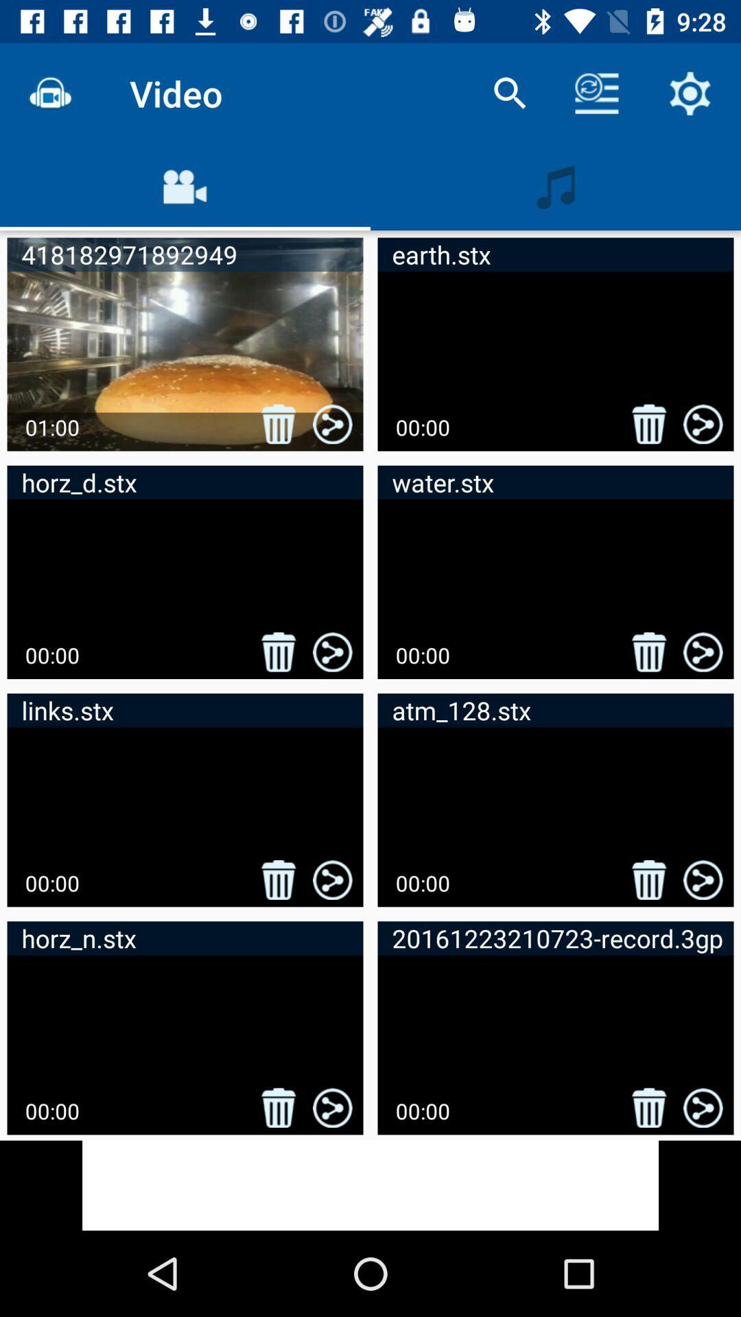 The image size is (741, 1317). Describe the element at coordinates (648, 879) in the screenshot. I see `delete option on second video in third row of the page` at that location.